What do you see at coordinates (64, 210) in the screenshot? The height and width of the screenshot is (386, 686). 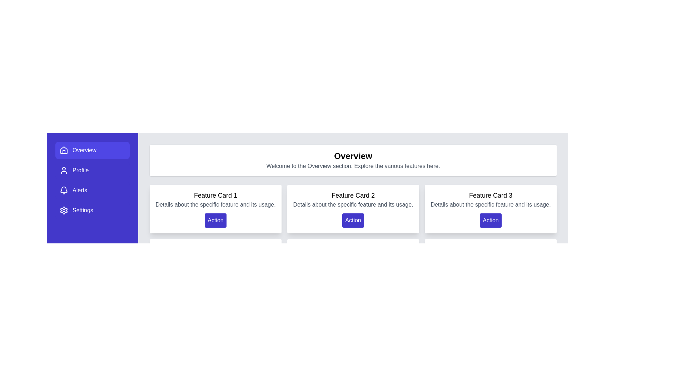 I see `the gear-shaped settings icon located in the vertical navigation sidebar` at bounding box center [64, 210].